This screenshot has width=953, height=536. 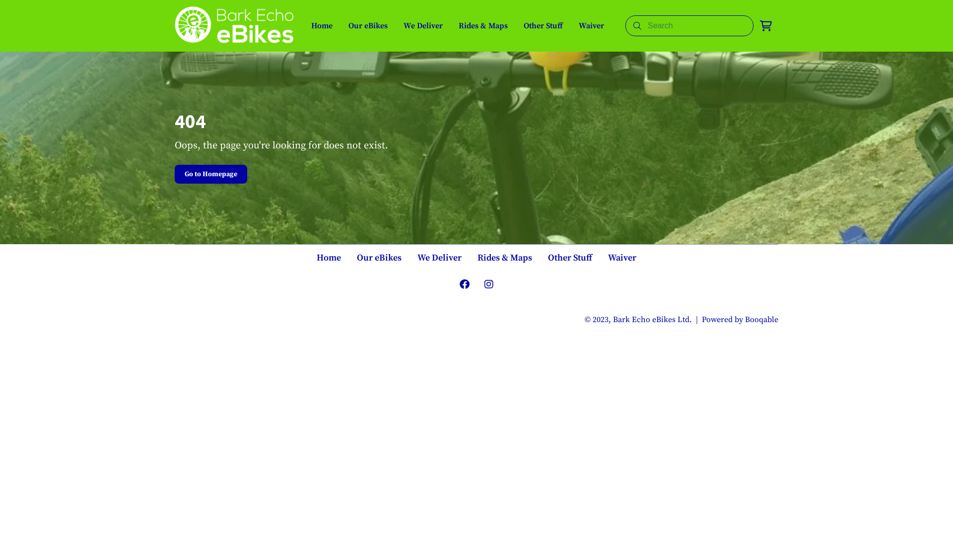 What do you see at coordinates (329, 258) in the screenshot?
I see `'Home'` at bounding box center [329, 258].